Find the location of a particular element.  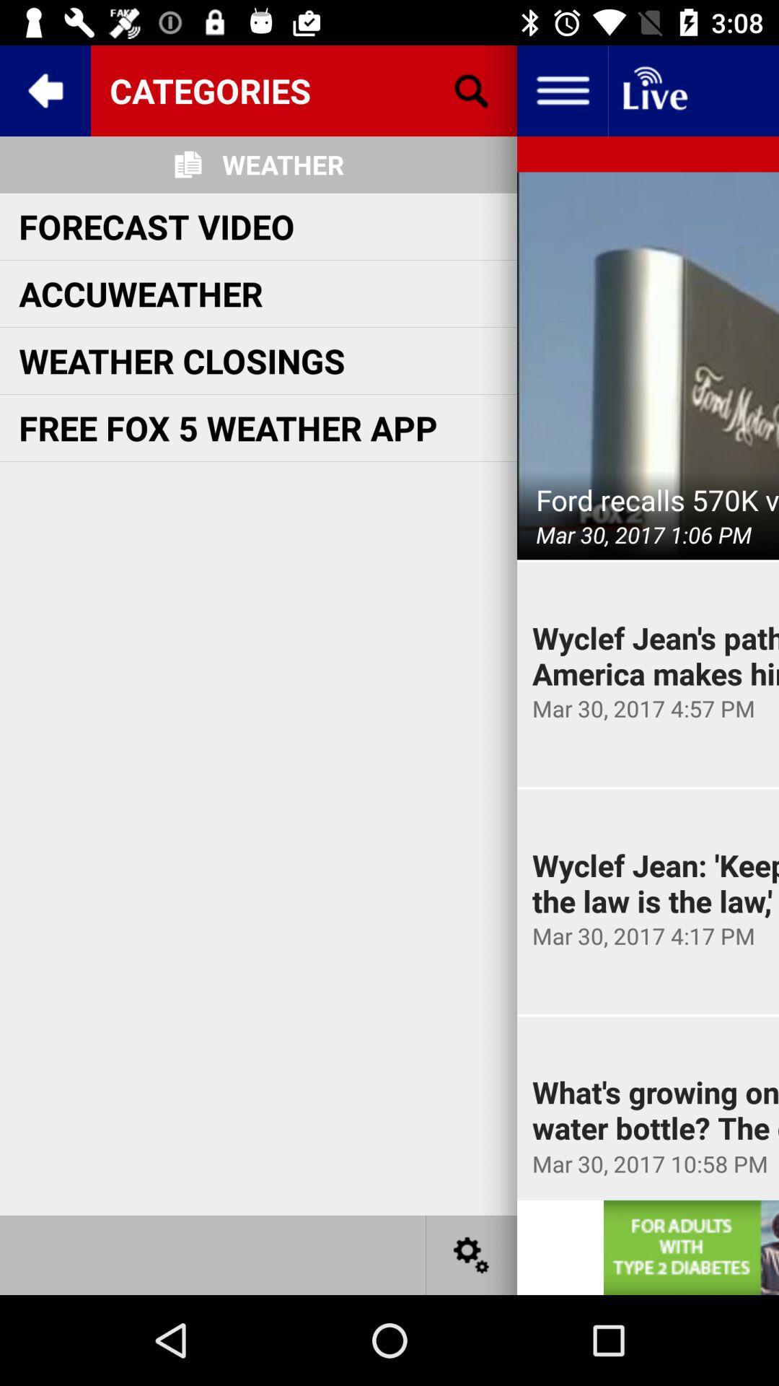

the setting icon at the bottom of the page is located at coordinates (472, 1254).